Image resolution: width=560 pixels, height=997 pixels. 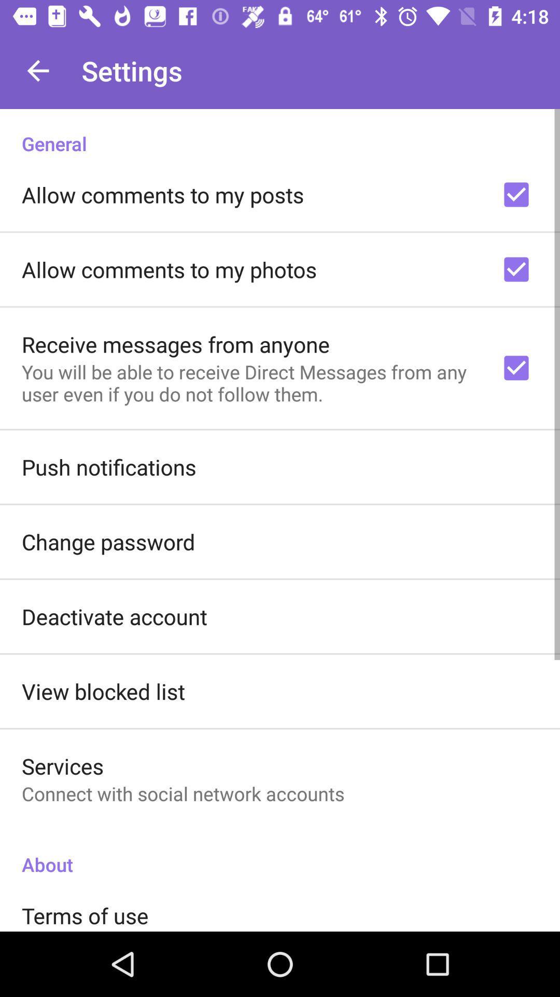 What do you see at coordinates (37, 70) in the screenshot?
I see `the item next to the settings icon` at bounding box center [37, 70].